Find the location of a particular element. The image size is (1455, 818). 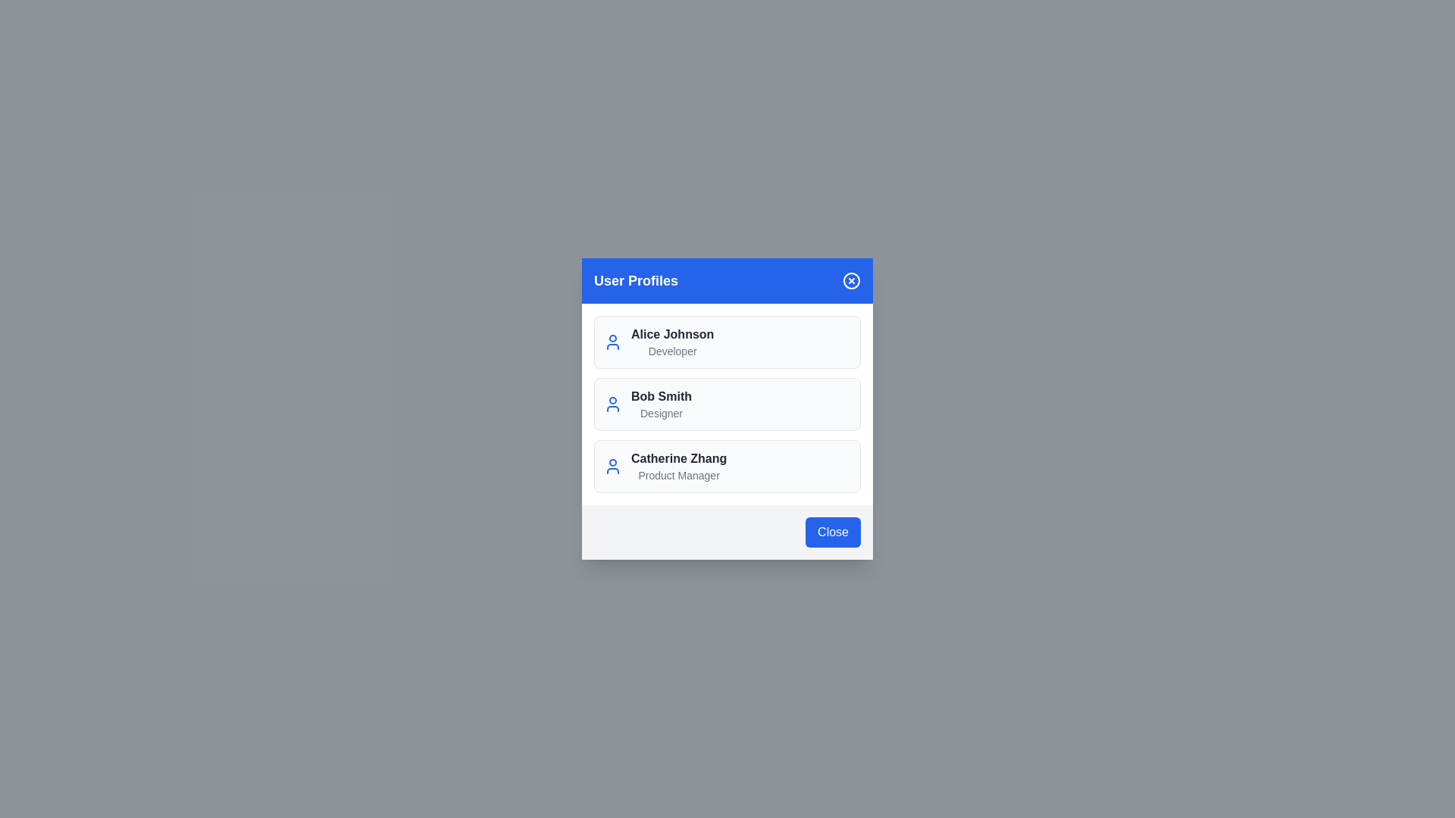

the user profile Bob Smith from the list is located at coordinates (727, 403).